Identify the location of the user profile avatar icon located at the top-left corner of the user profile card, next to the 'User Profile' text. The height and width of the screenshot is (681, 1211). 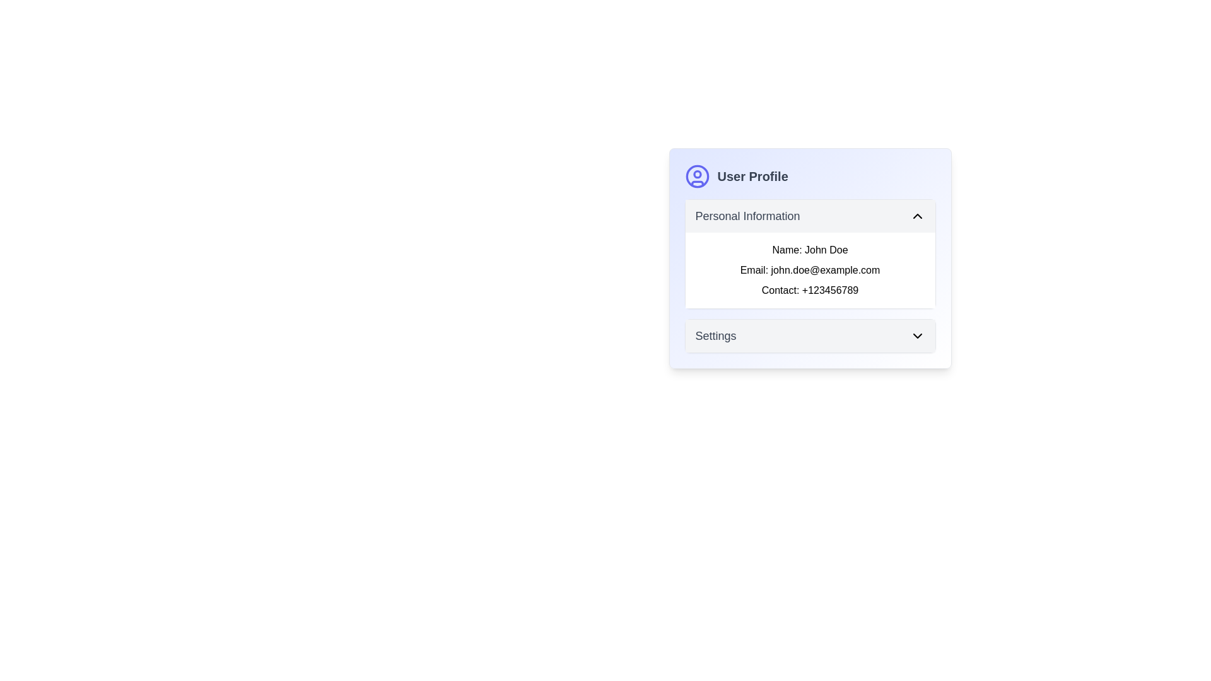
(696, 177).